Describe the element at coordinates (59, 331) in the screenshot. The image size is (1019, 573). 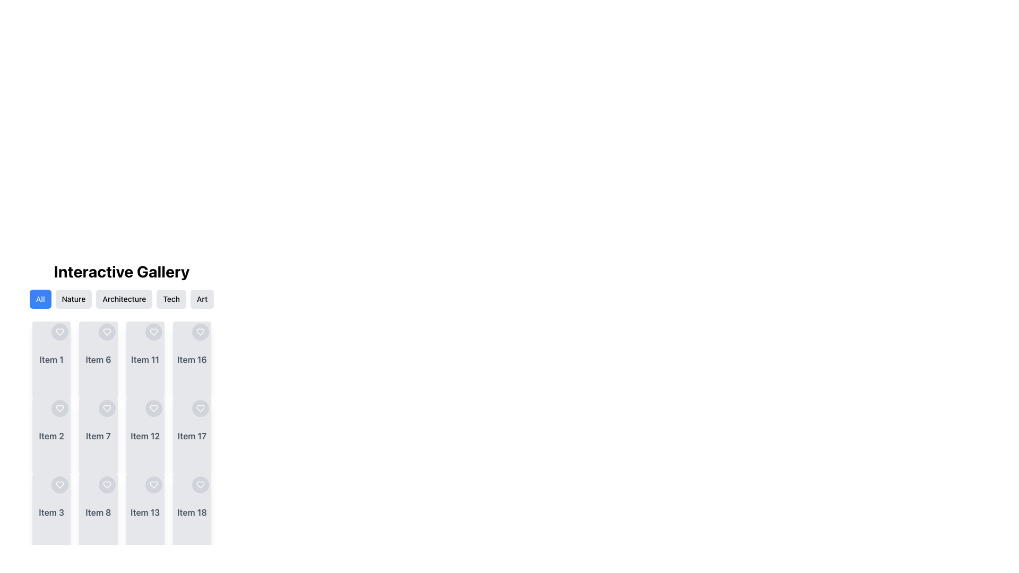
I see `the favorite marker icon located in the center of the circular button in the top-left corner of the grid item labeled 'Item 1' in the 'Interactive Gallery' interface to mark it as a favorite` at that location.